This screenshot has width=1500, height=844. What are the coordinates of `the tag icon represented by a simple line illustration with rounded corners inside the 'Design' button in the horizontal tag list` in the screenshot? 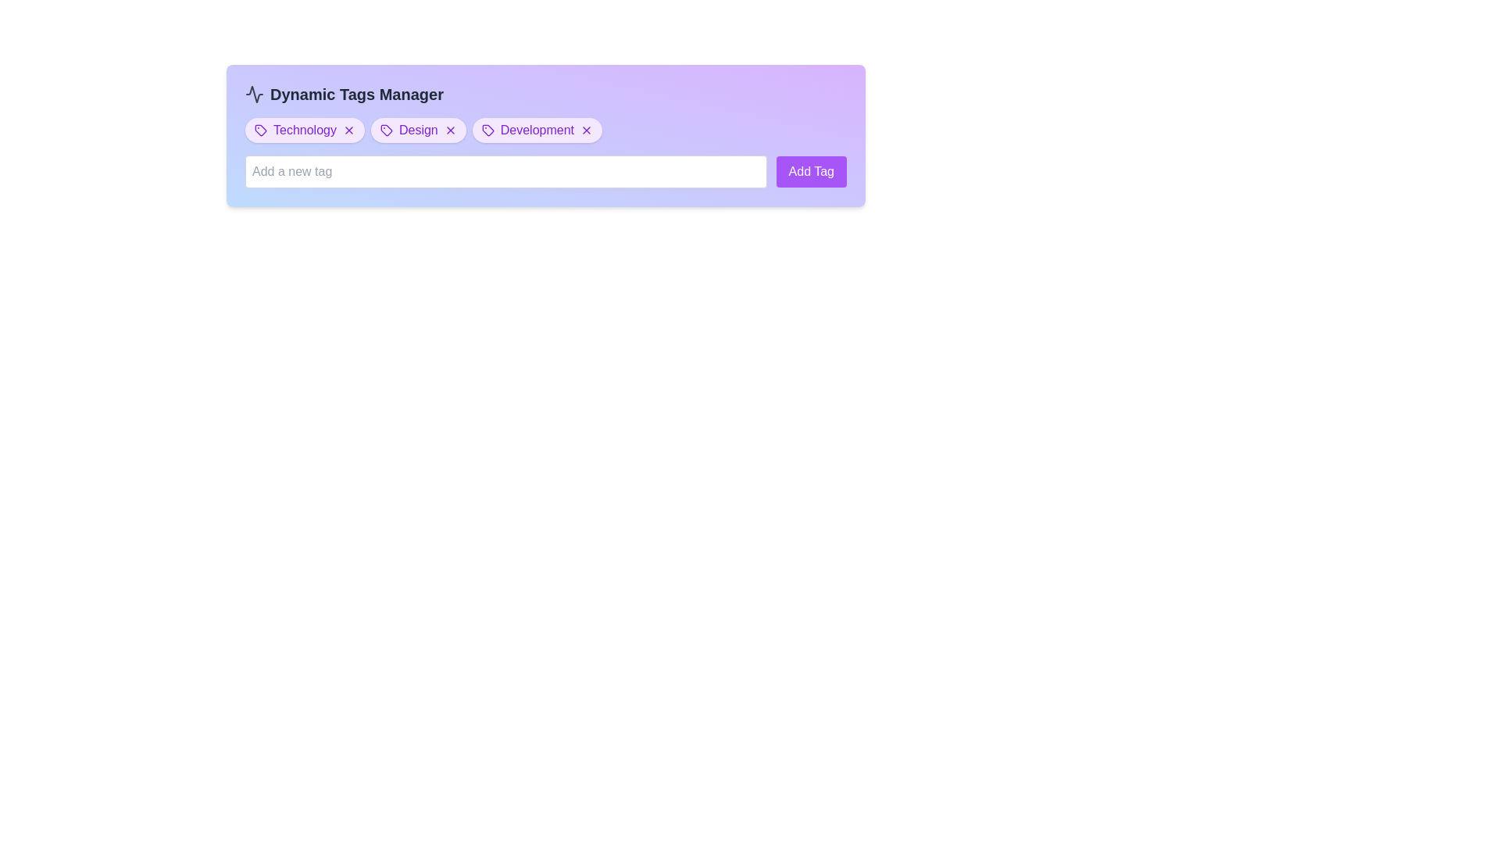 It's located at (386, 129).